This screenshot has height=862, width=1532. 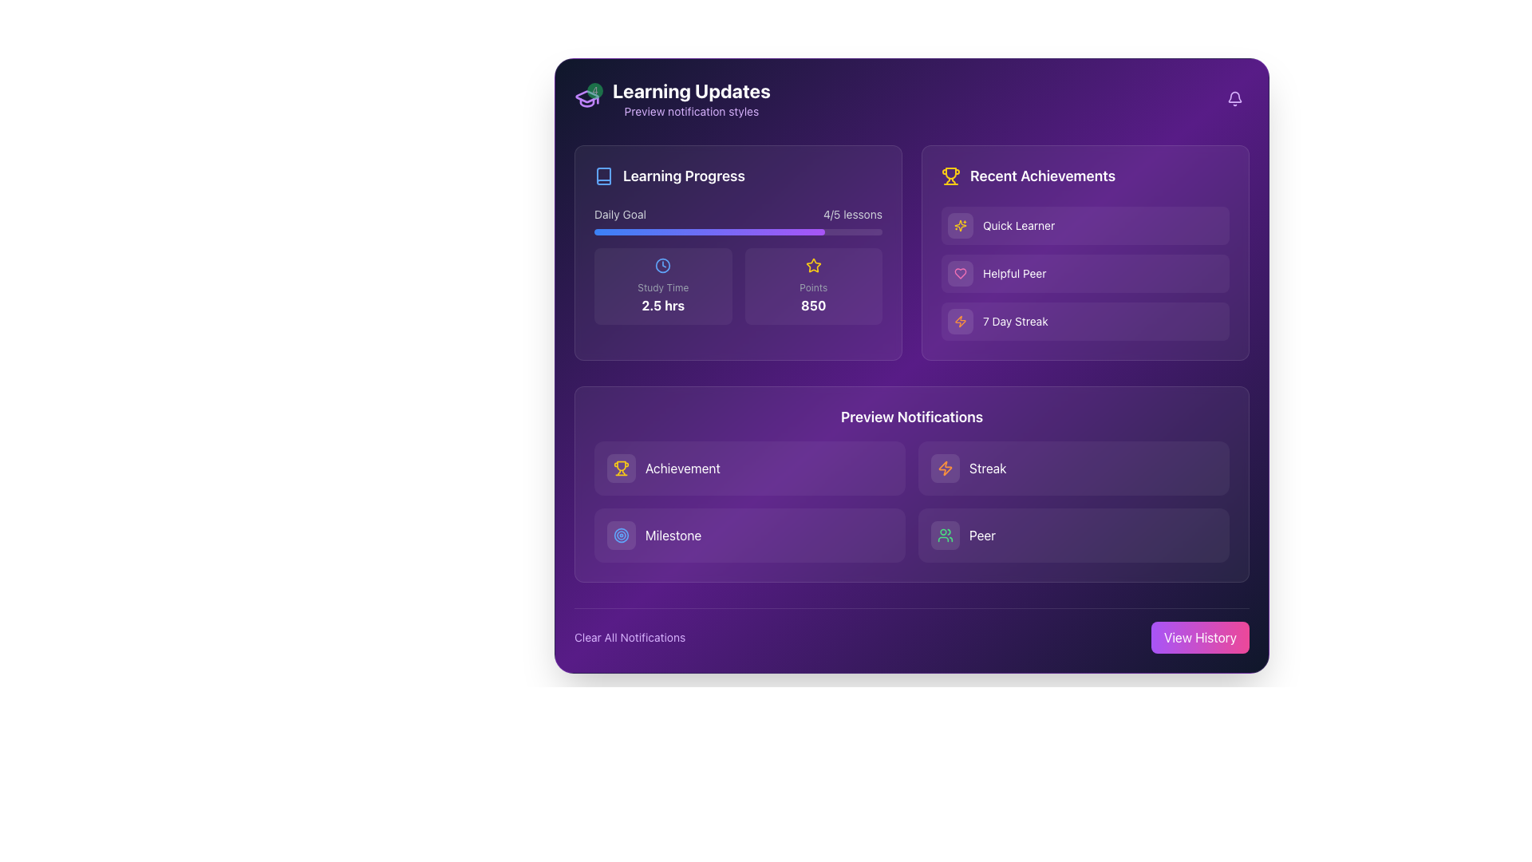 What do you see at coordinates (691, 91) in the screenshot?
I see `the bold, white text element reading 'Learning Updates', which is prominently displayed at the top-left area of the interface with a dark purple background` at bounding box center [691, 91].